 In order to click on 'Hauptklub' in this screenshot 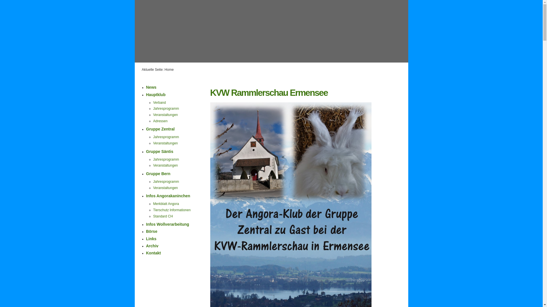, I will do `click(156, 94)`.